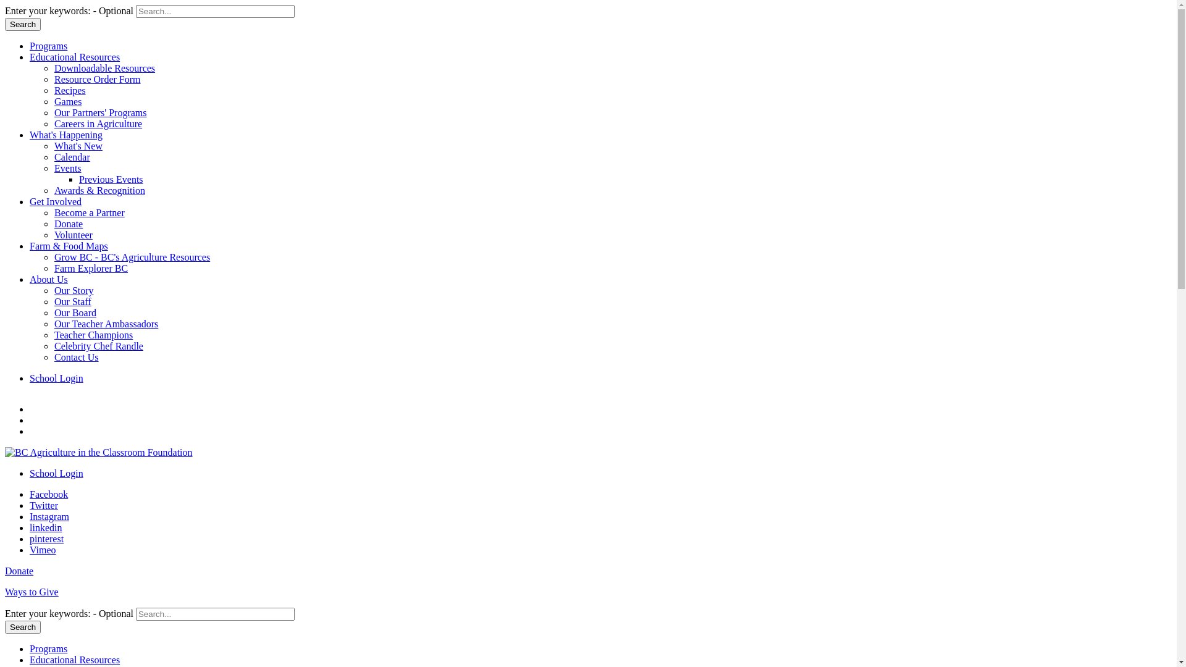 This screenshot has width=1186, height=667. Describe the element at coordinates (5, 5) in the screenshot. I see `'Skip to main content'` at that location.